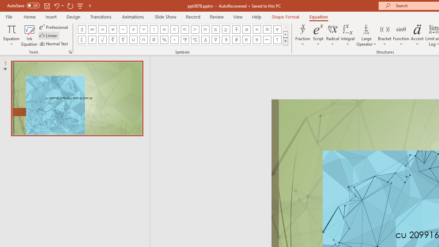 This screenshot has width=439, height=247. Describe the element at coordinates (194, 39) in the screenshot. I see `'Equation Symbol Degrees Celsius'` at that location.